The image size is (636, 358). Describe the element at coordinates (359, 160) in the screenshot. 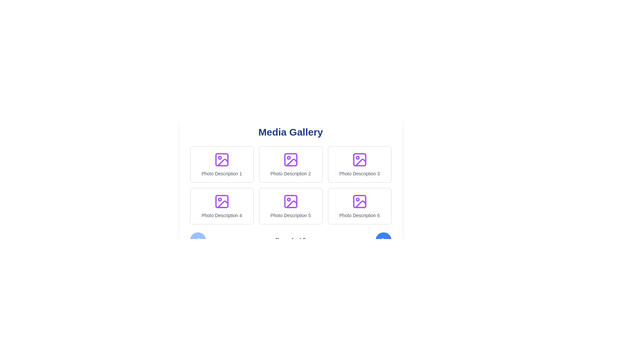

I see `the SVG icon representing an image placeholder located inside the card labeled 'Photo Description 3' in the third position of a 2-row, 3-column grid layout` at that location.